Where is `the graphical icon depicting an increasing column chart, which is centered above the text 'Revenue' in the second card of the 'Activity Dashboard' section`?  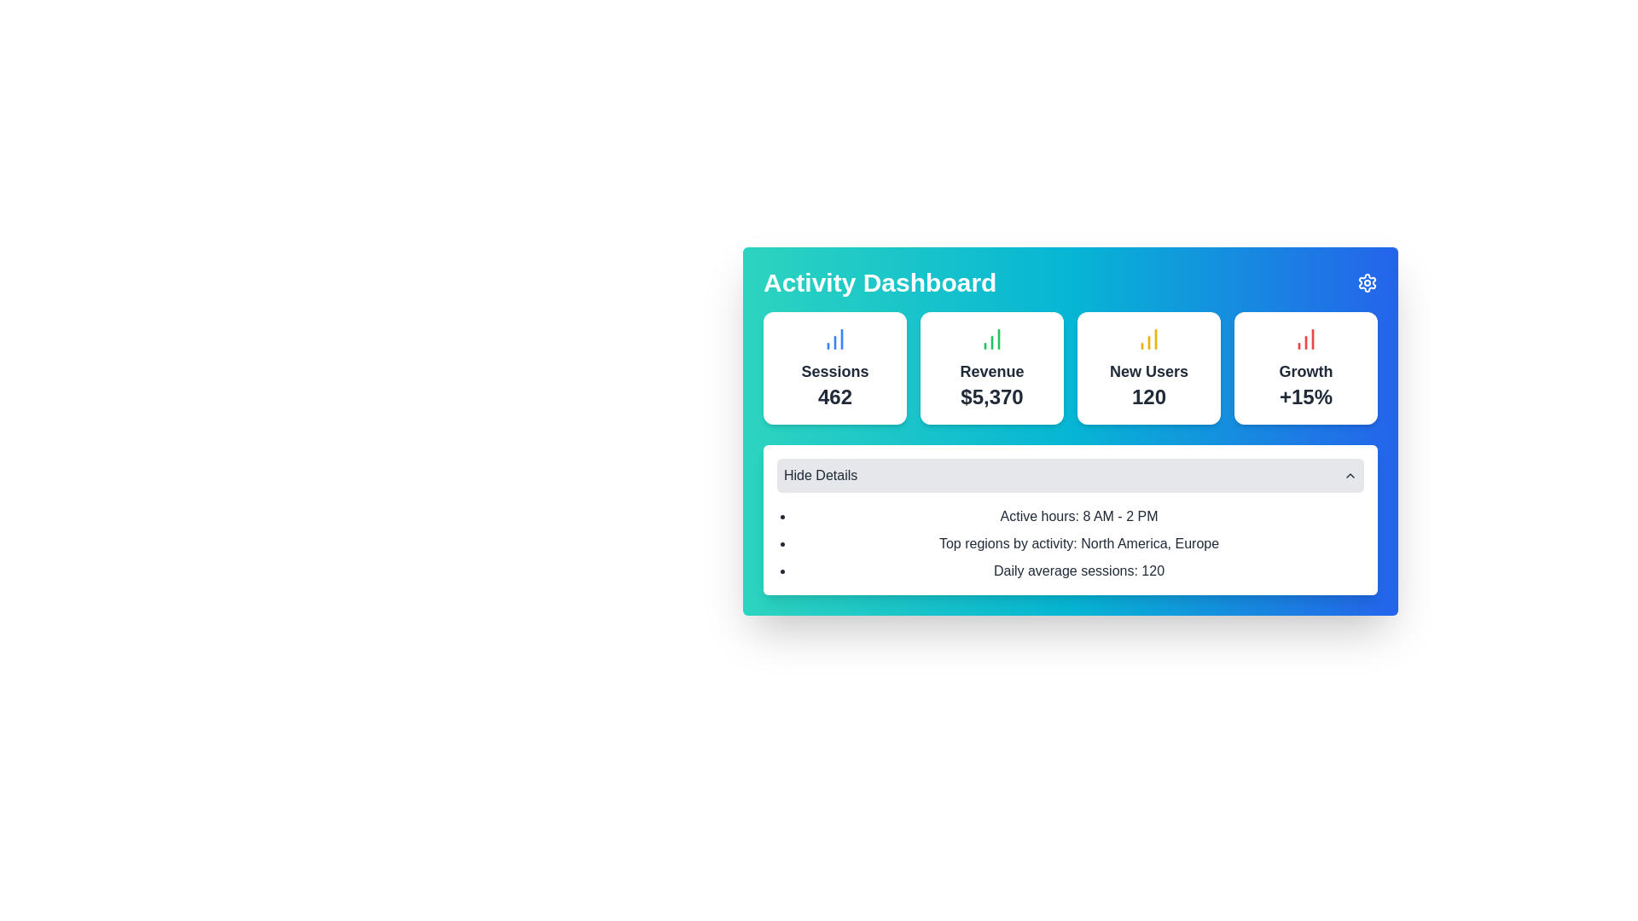
the graphical icon depicting an increasing column chart, which is centered above the text 'Revenue' in the second card of the 'Activity Dashboard' section is located at coordinates (991, 339).